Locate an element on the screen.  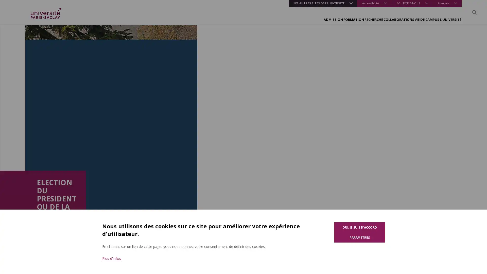
RECHERCHE is located at coordinates (322, 17).